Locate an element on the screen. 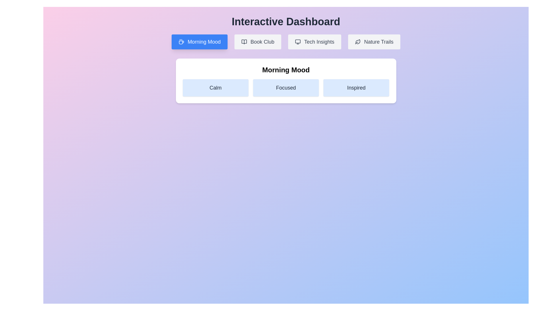 This screenshot has width=551, height=310. the decorative icon located to the left of the text label inside the 'Tech Insights' button, which enhances its visual appeal is located at coordinates (298, 42).